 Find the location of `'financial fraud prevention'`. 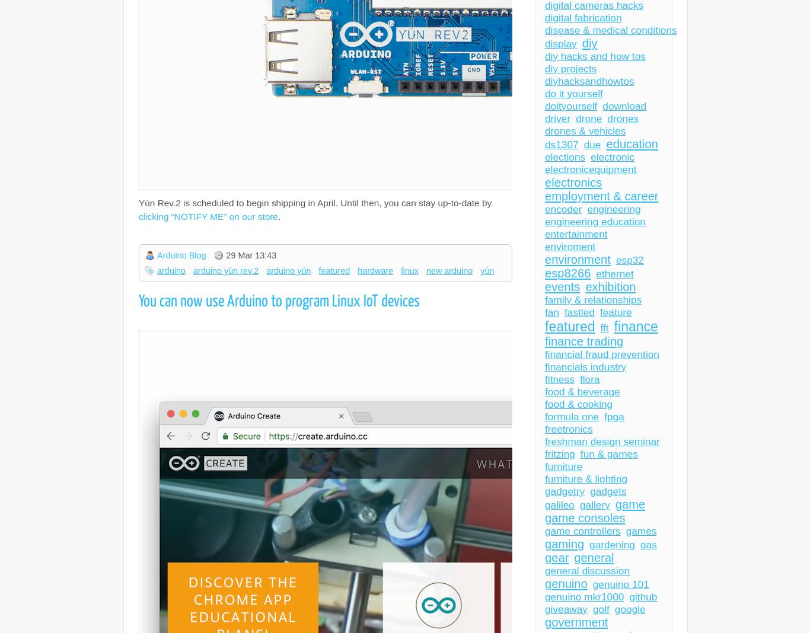

'financial fraud prevention' is located at coordinates (601, 353).